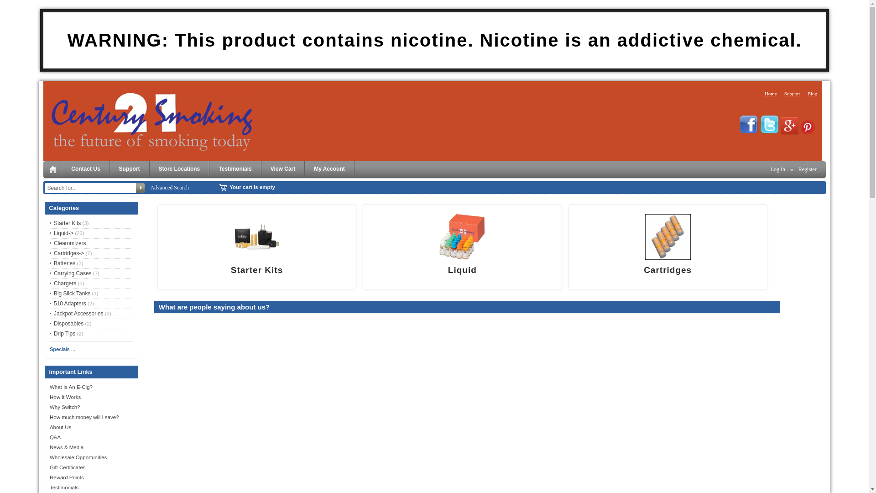 The height and width of the screenshot is (493, 876). What do you see at coordinates (129, 169) in the screenshot?
I see `'Support'` at bounding box center [129, 169].